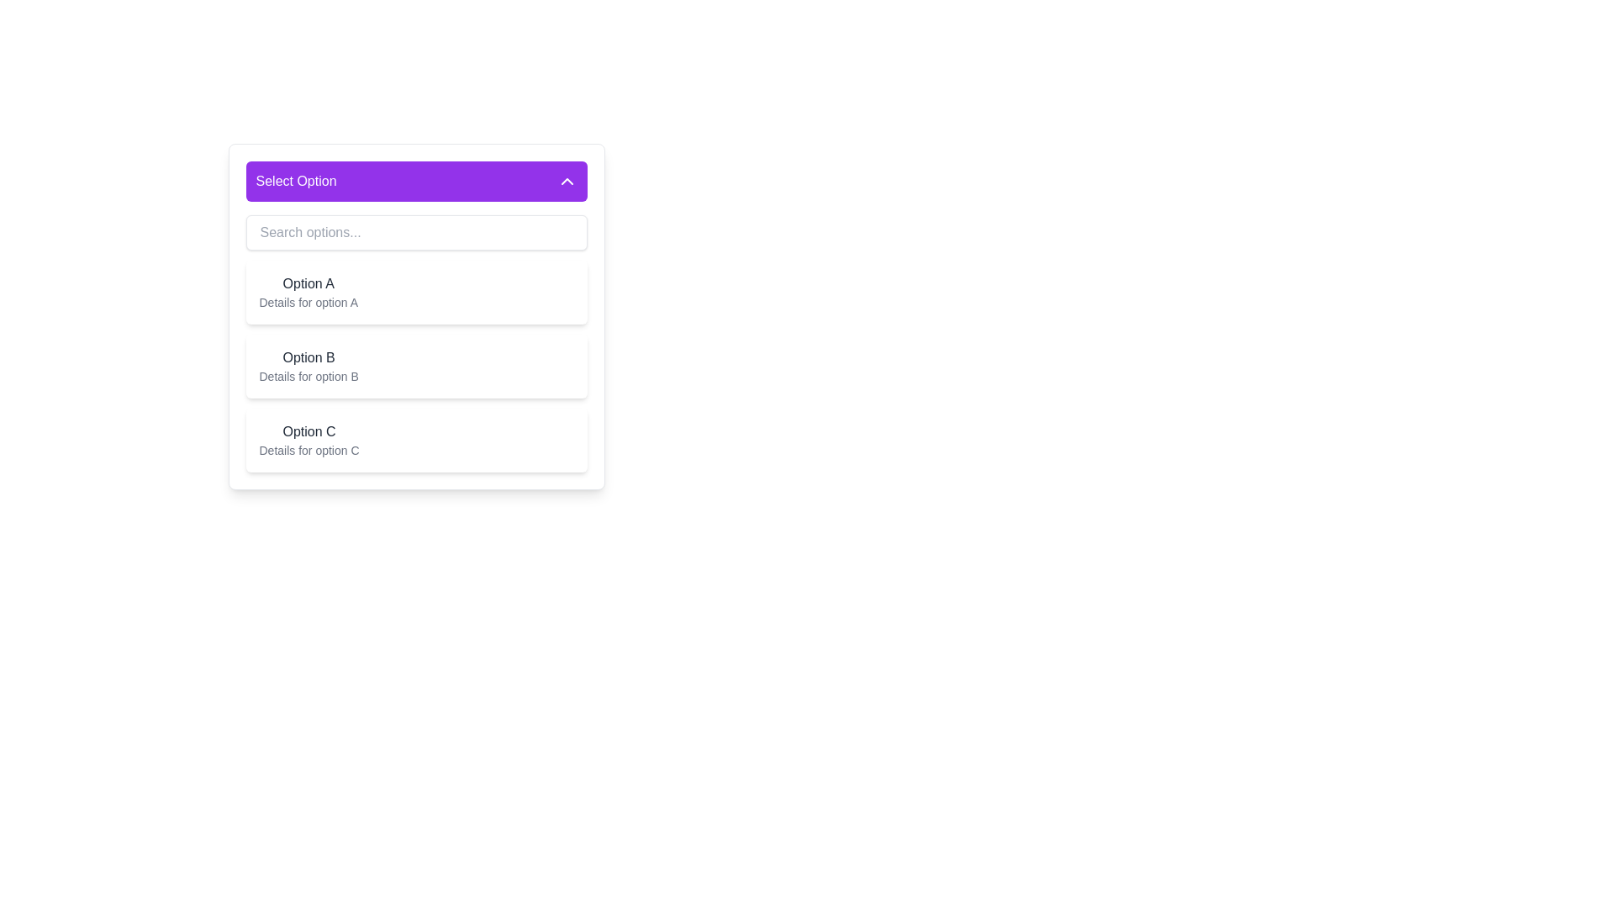  What do you see at coordinates (309, 375) in the screenshot?
I see `the label providing additional details for 'Option B', located beneath the title of this option in a vertically stacked list` at bounding box center [309, 375].